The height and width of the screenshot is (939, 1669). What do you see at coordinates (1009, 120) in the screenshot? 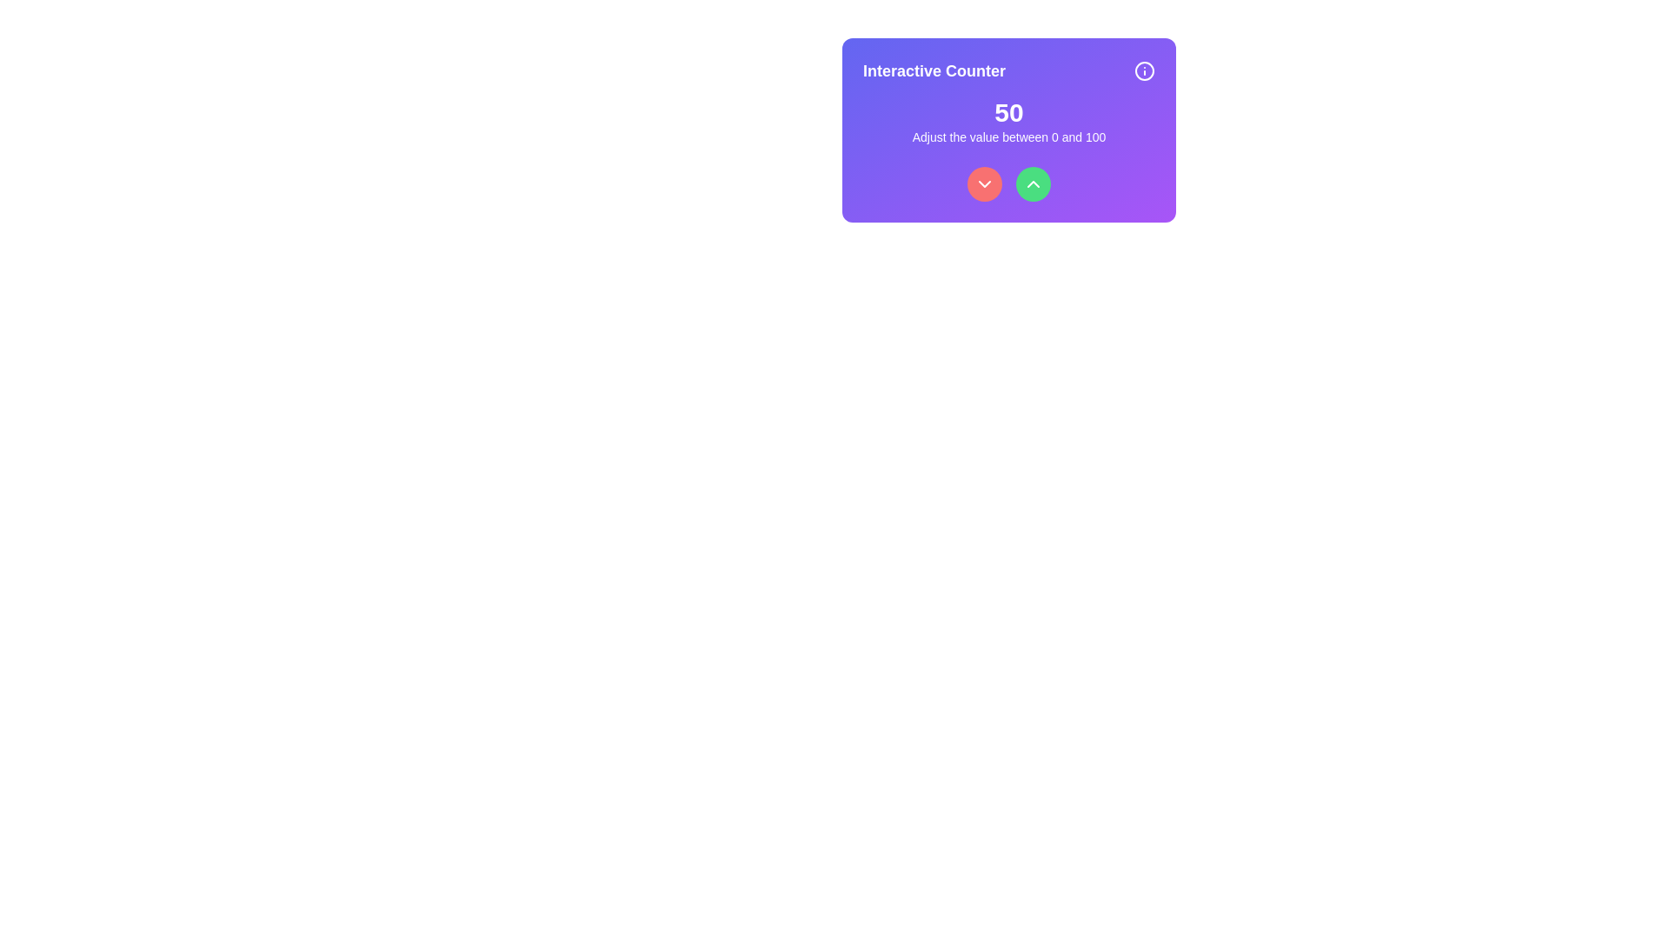
I see `descriptive text that states 'Adjust the value between 0 and 100' displayed below the bold number '50' in the text element positioned at the center below the title 'Interactive Counter'` at bounding box center [1009, 120].